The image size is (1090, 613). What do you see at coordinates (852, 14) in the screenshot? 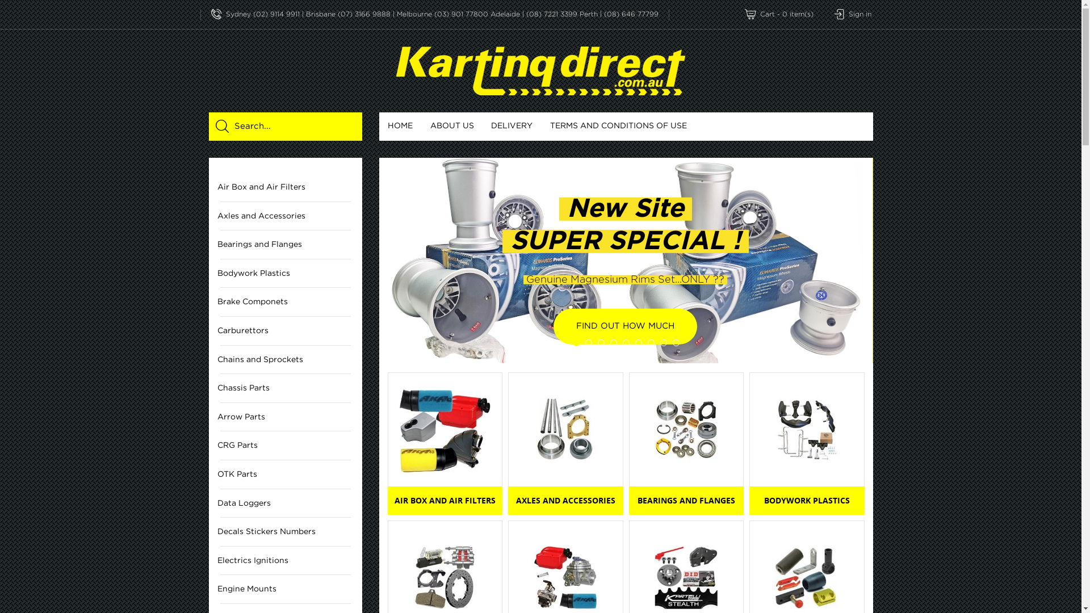
I see `'Sign in'` at bounding box center [852, 14].